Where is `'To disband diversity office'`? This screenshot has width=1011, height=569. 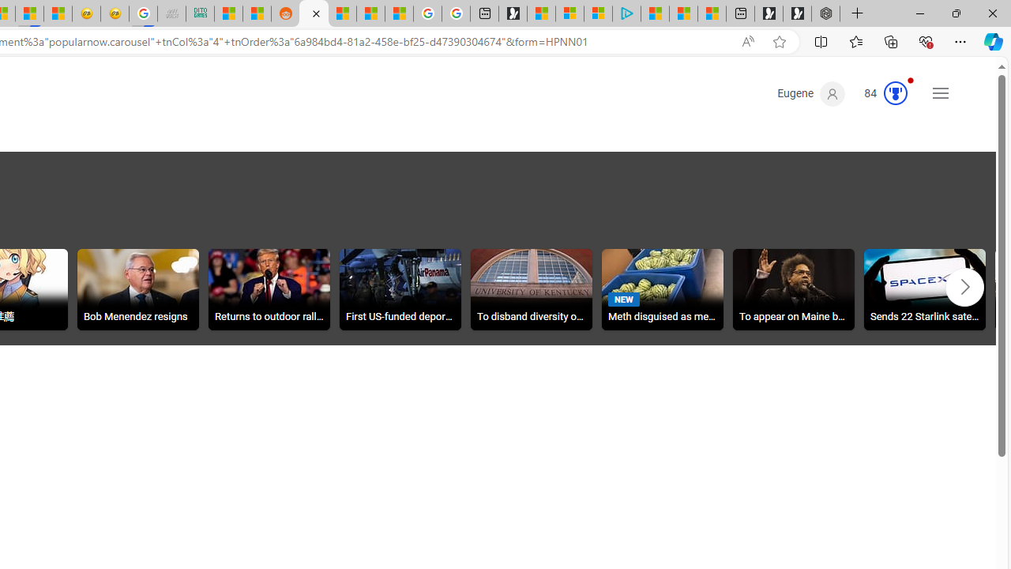
'To disband diversity office' is located at coordinates (532, 292).